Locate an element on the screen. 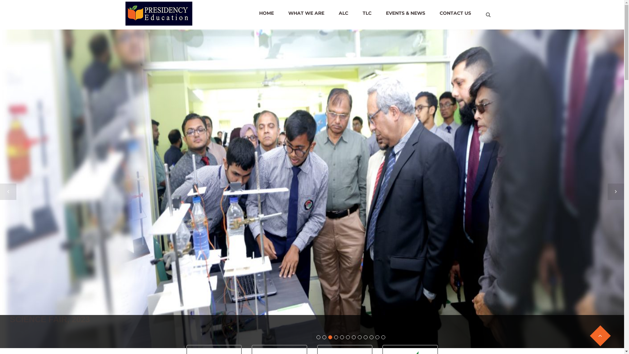 The height and width of the screenshot is (354, 629). 'CONTACT US' is located at coordinates (455, 13).